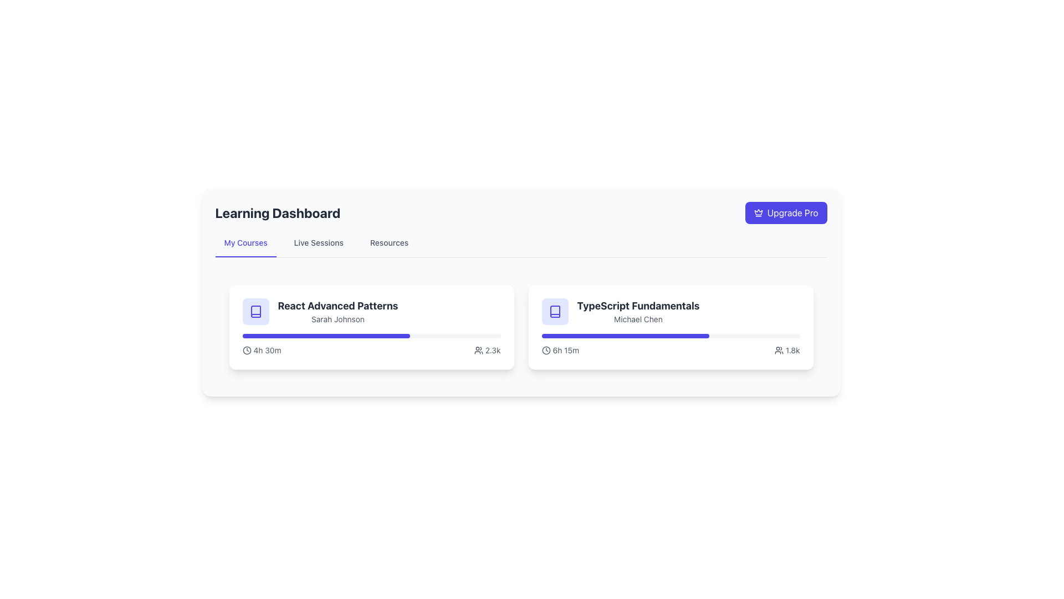  I want to click on the 'Live Sessions' navigational link, which is the second link in a horizontal navigation bar near the top center of the page, so click(318, 247).